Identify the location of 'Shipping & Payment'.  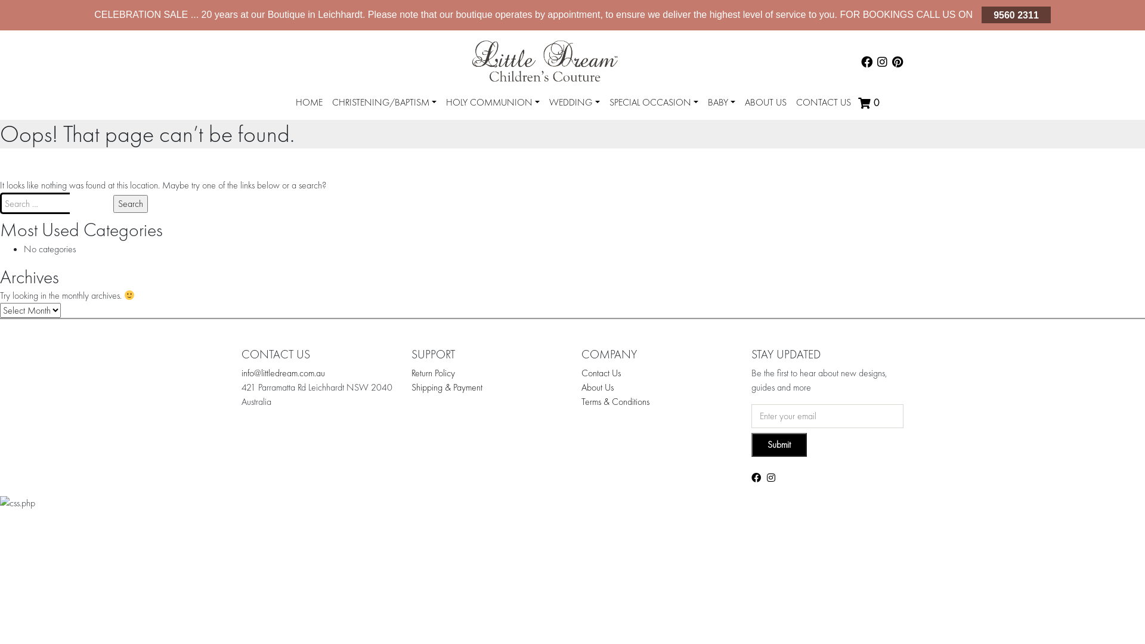
(446, 387).